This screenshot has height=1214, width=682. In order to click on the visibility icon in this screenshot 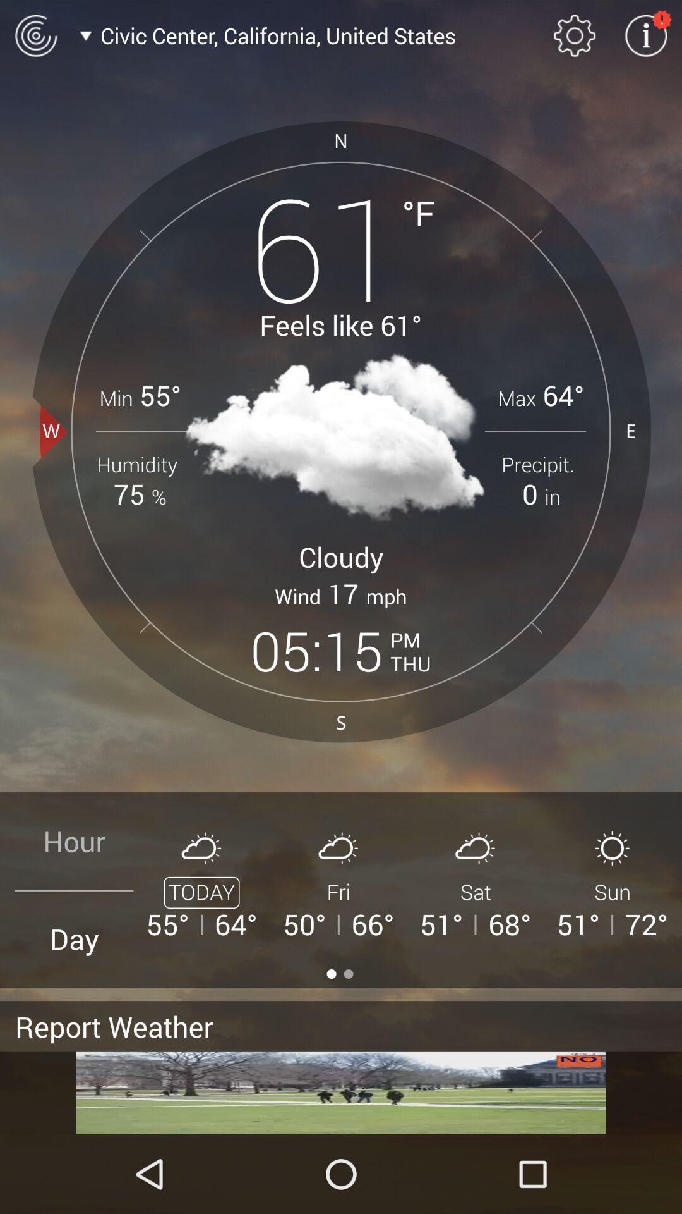, I will do `click(35, 35)`.